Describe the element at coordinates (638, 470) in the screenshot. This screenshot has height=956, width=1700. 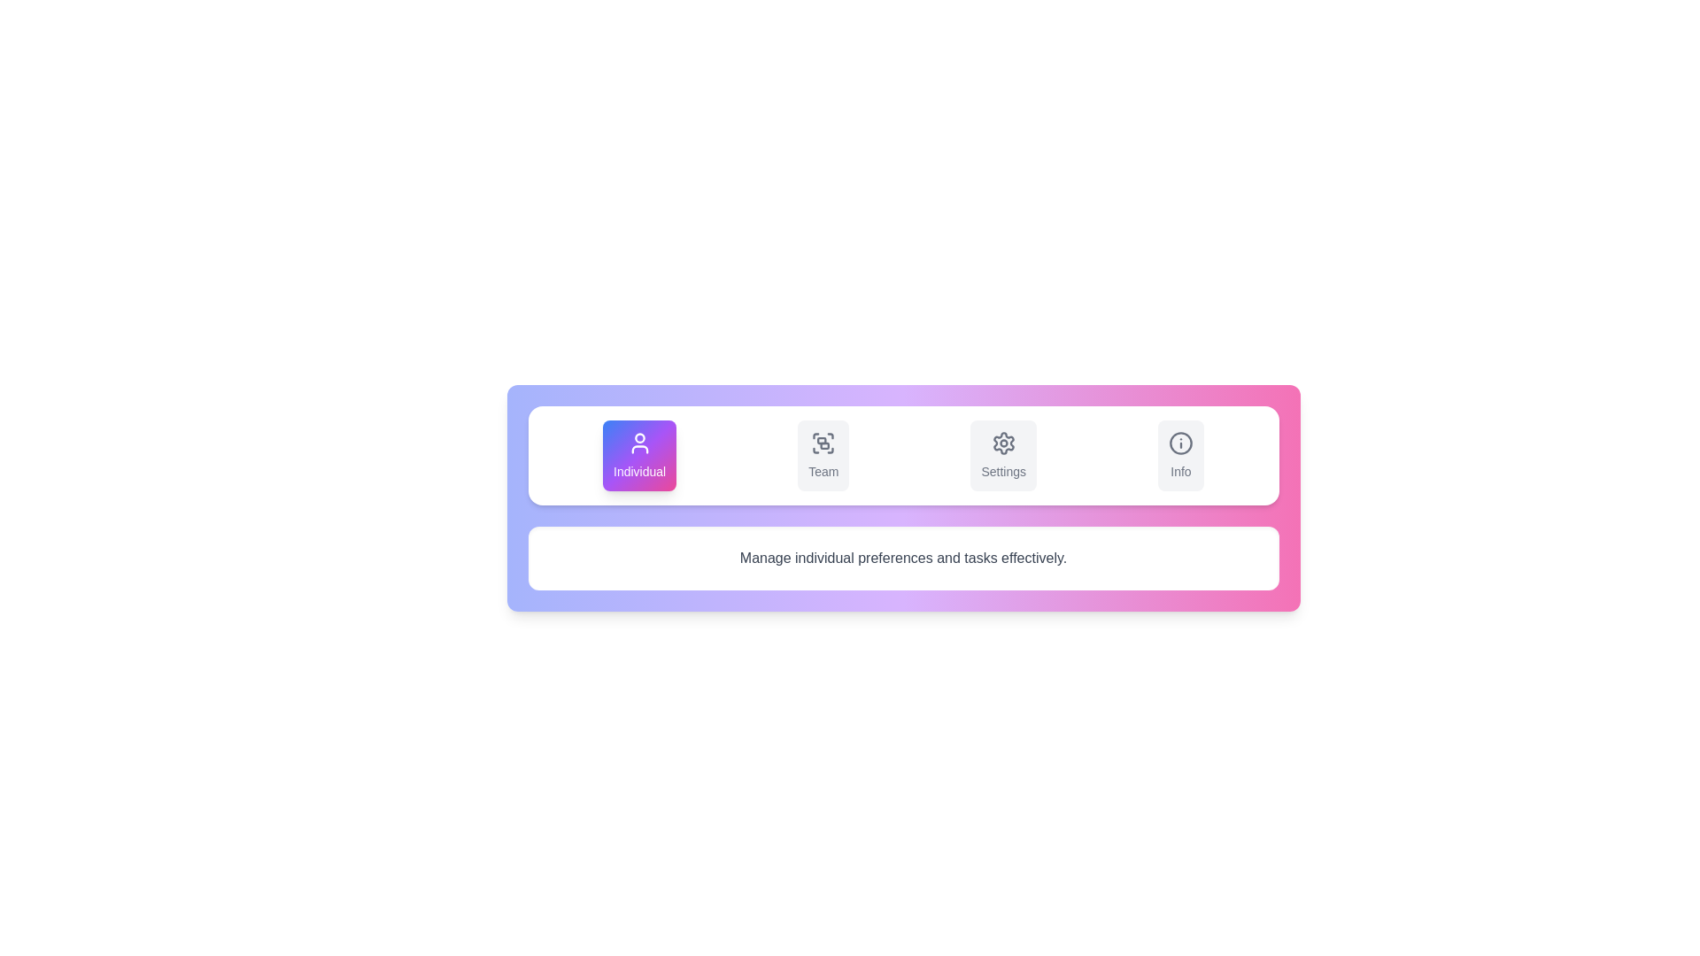
I see `the text label displaying the word 'Individual', which is located below a user profile icon within a gradient-colored rectangular card` at that location.